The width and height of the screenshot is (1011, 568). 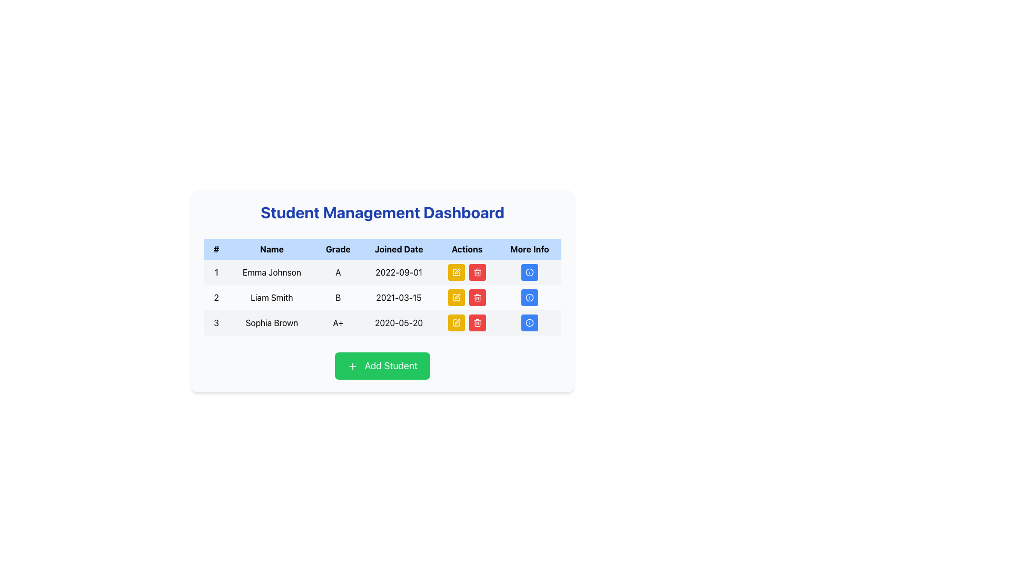 What do you see at coordinates (382, 365) in the screenshot?
I see `the prominent green button labeled 'Add Student' located centrally beneath the student information table` at bounding box center [382, 365].